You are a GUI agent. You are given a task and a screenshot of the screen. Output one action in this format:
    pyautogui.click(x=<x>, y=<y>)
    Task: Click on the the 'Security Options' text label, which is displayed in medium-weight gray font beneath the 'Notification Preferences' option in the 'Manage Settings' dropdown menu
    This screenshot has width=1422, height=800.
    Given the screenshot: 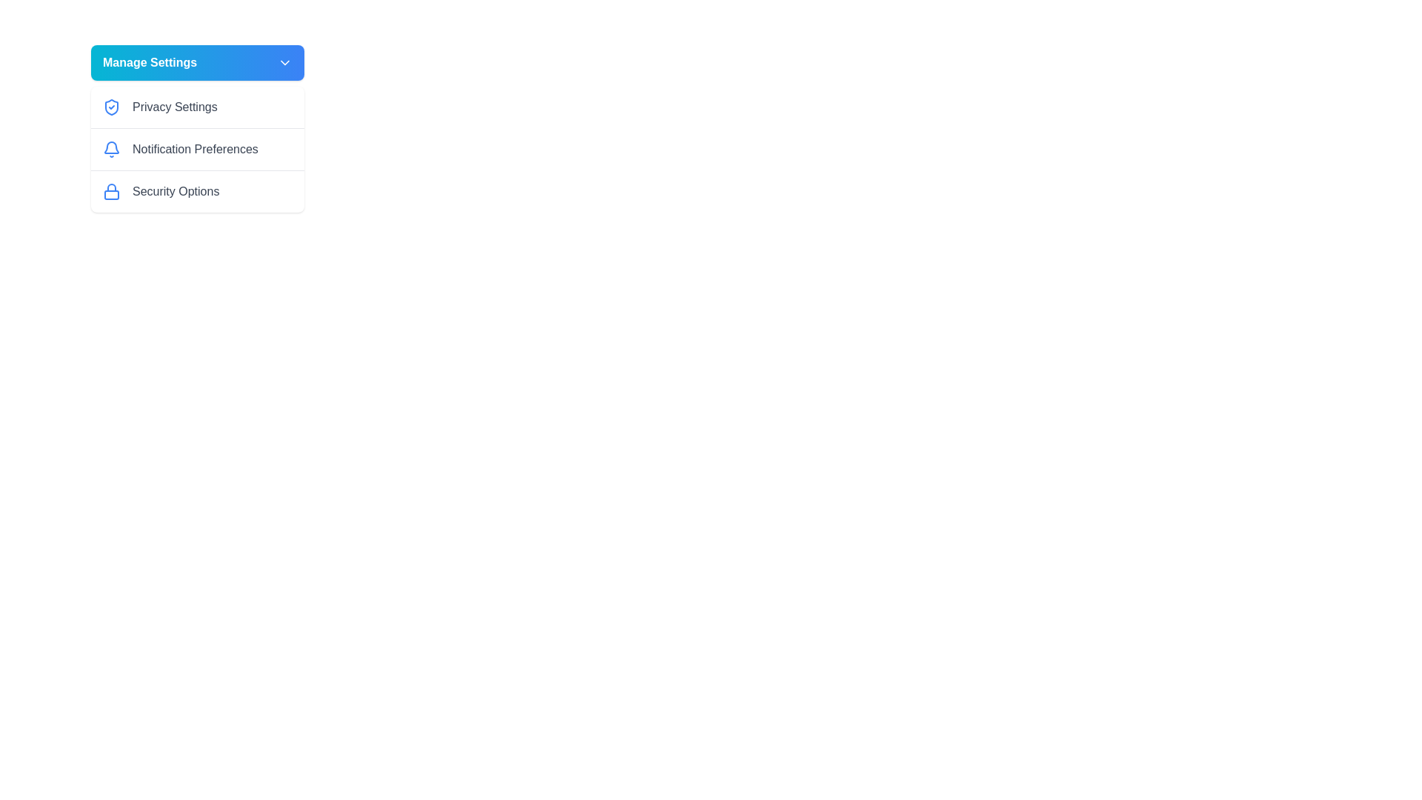 What is the action you would take?
    pyautogui.click(x=176, y=190)
    